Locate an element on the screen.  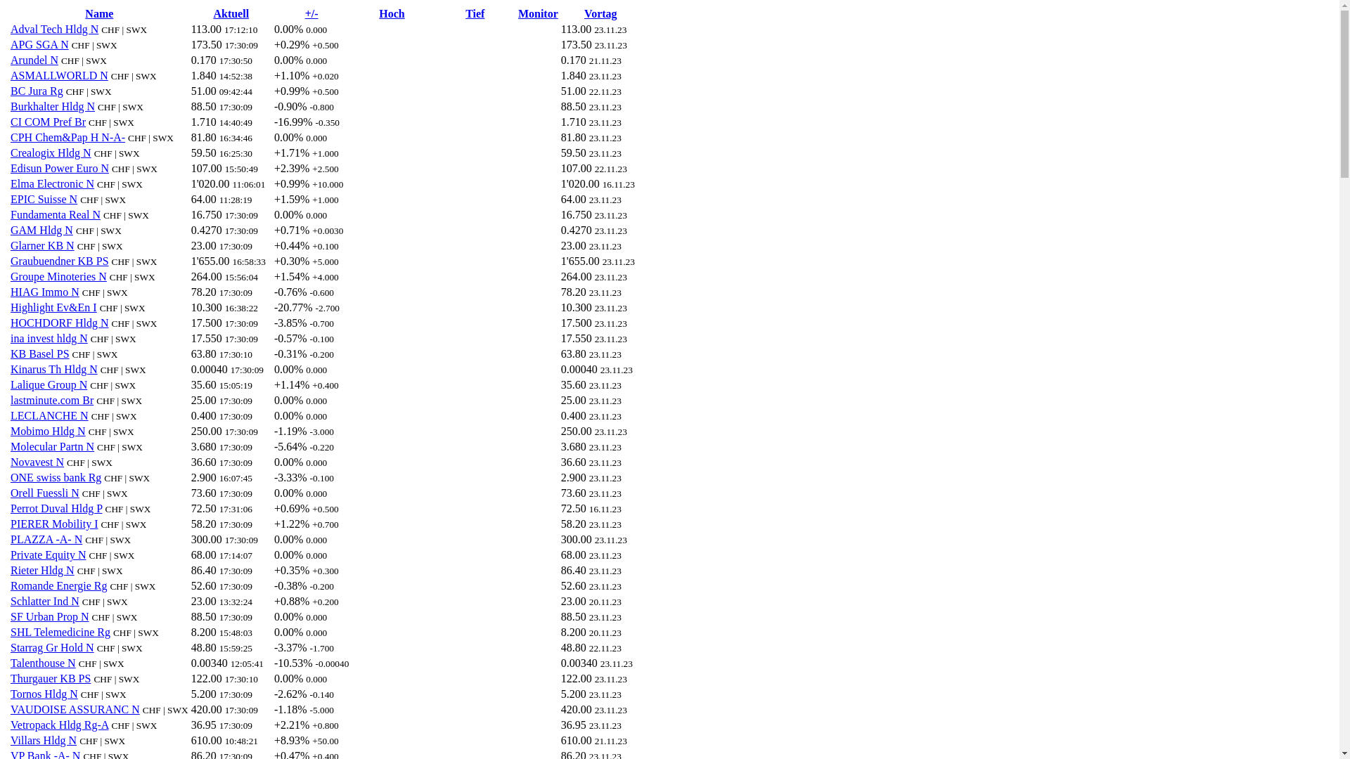
'Novavest N' is located at coordinates (37, 462).